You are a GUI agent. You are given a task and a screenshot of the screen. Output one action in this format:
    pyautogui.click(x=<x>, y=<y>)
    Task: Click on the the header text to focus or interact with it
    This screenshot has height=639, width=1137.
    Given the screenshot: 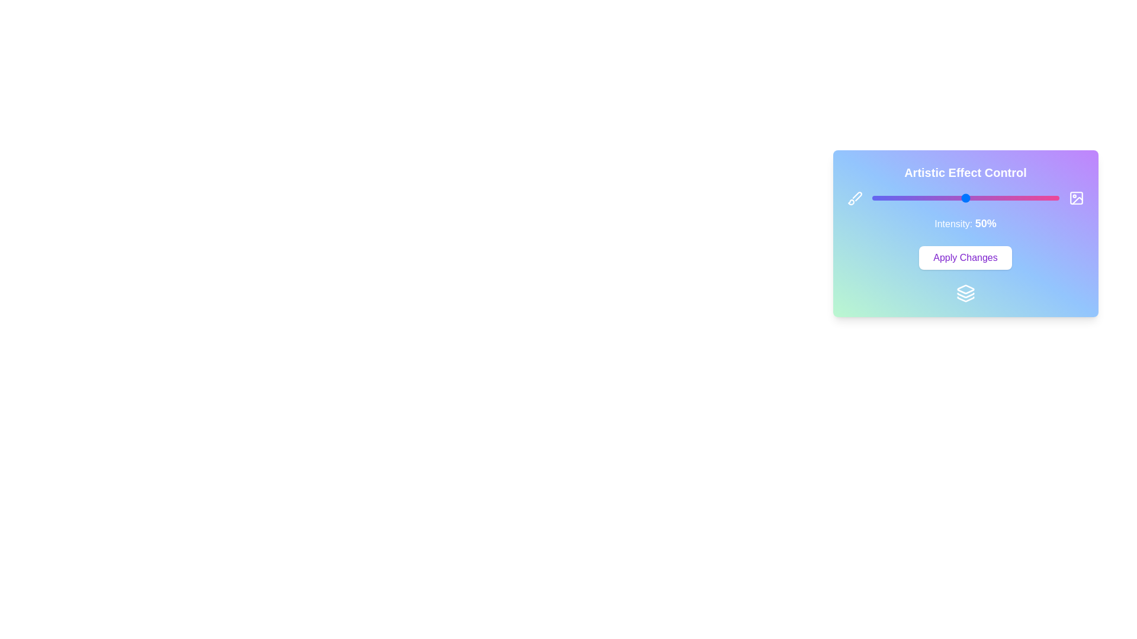 What is the action you would take?
    pyautogui.click(x=965, y=173)
    